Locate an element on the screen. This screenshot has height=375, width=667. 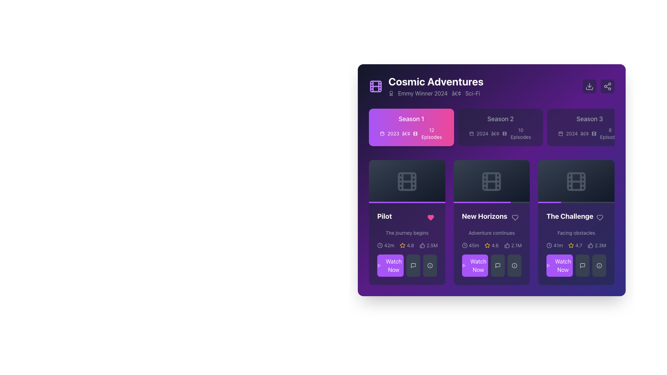
the 'Watch Now' button, which contains a decorative play symbol is located at coordinates (379, 265).